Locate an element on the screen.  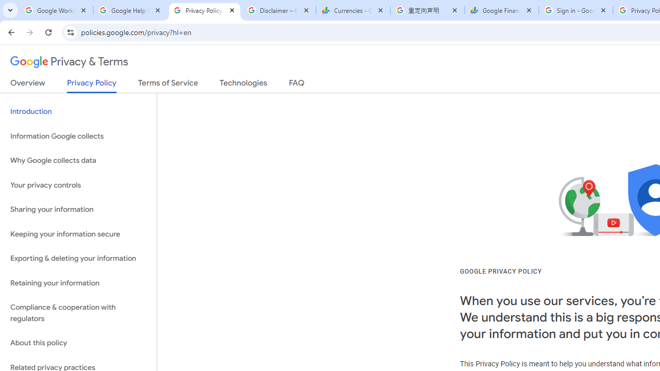
'Exporting & deleting your information' is located at coordinates (78, 258).